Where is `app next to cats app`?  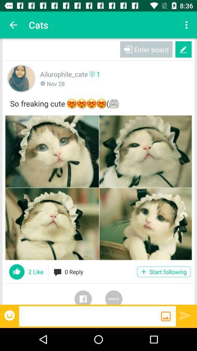
app next to cats app is located at coordinates (13, 25).